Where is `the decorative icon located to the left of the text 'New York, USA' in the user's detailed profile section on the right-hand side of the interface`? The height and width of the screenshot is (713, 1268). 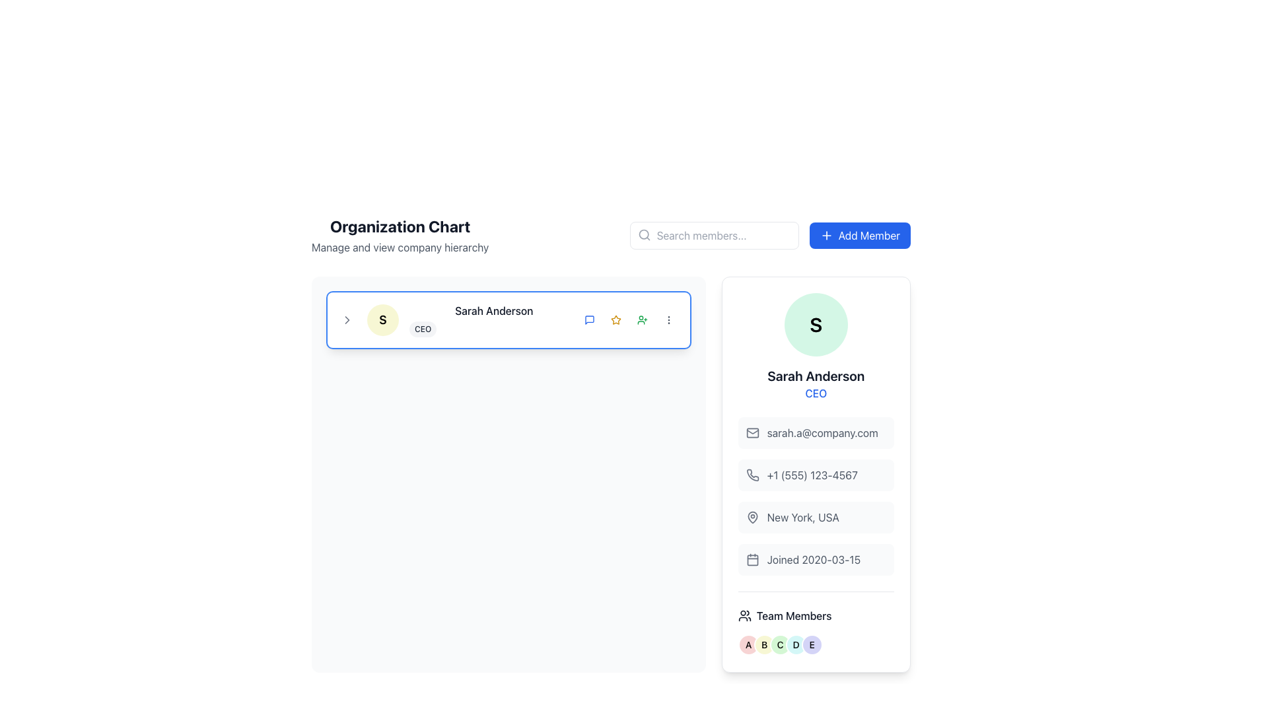 the decorative icon located to the left of the text 'New York, USA' in the user's detailed profile section on the right-hand side of the interface is located at coordinates (752, 516).